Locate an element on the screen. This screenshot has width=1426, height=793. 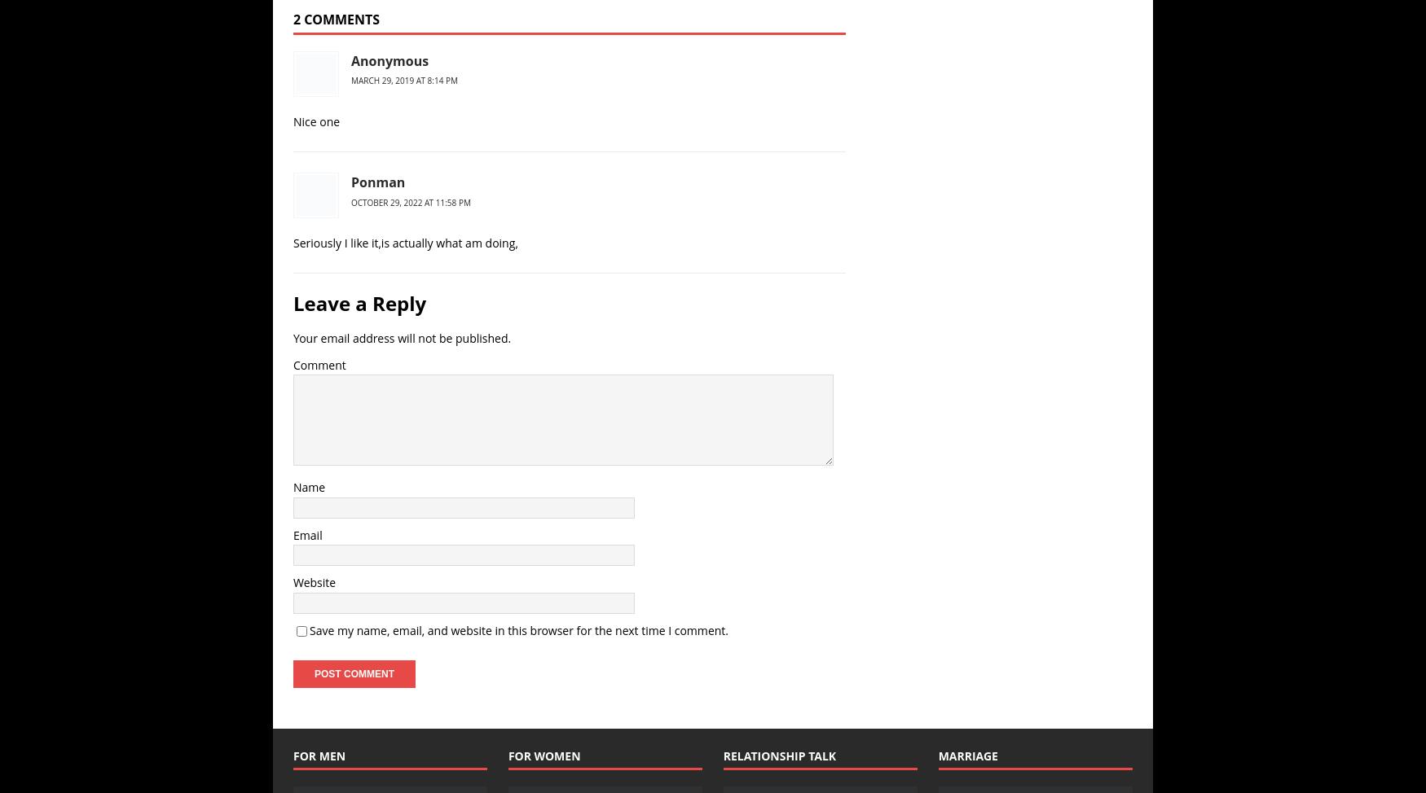
'Leave a Reply' is located at coordinates (293, 304).